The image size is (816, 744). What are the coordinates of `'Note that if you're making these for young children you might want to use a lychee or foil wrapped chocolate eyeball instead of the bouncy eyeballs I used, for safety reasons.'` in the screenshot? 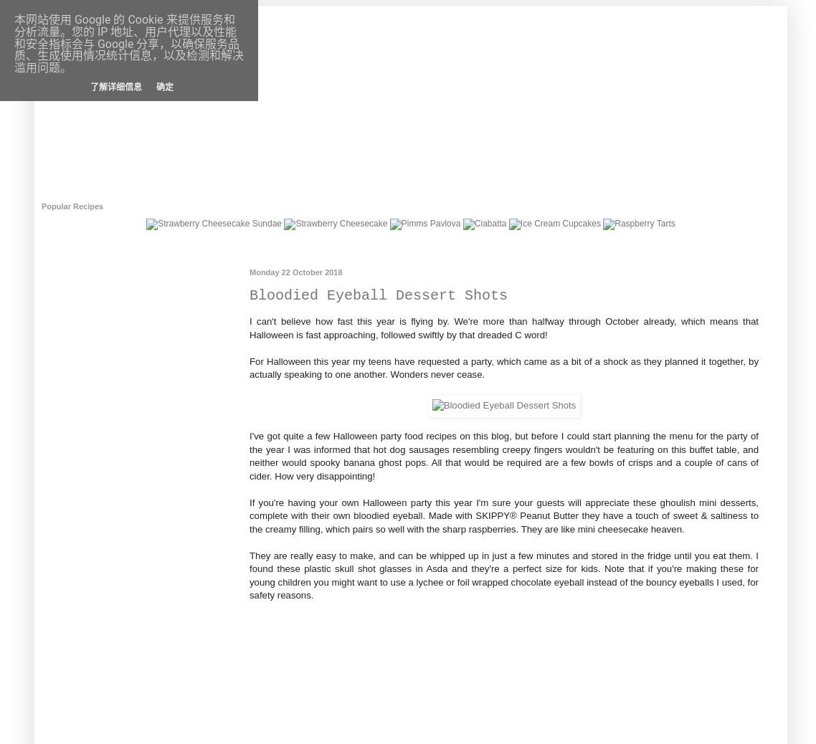 It's located at (504, 582).